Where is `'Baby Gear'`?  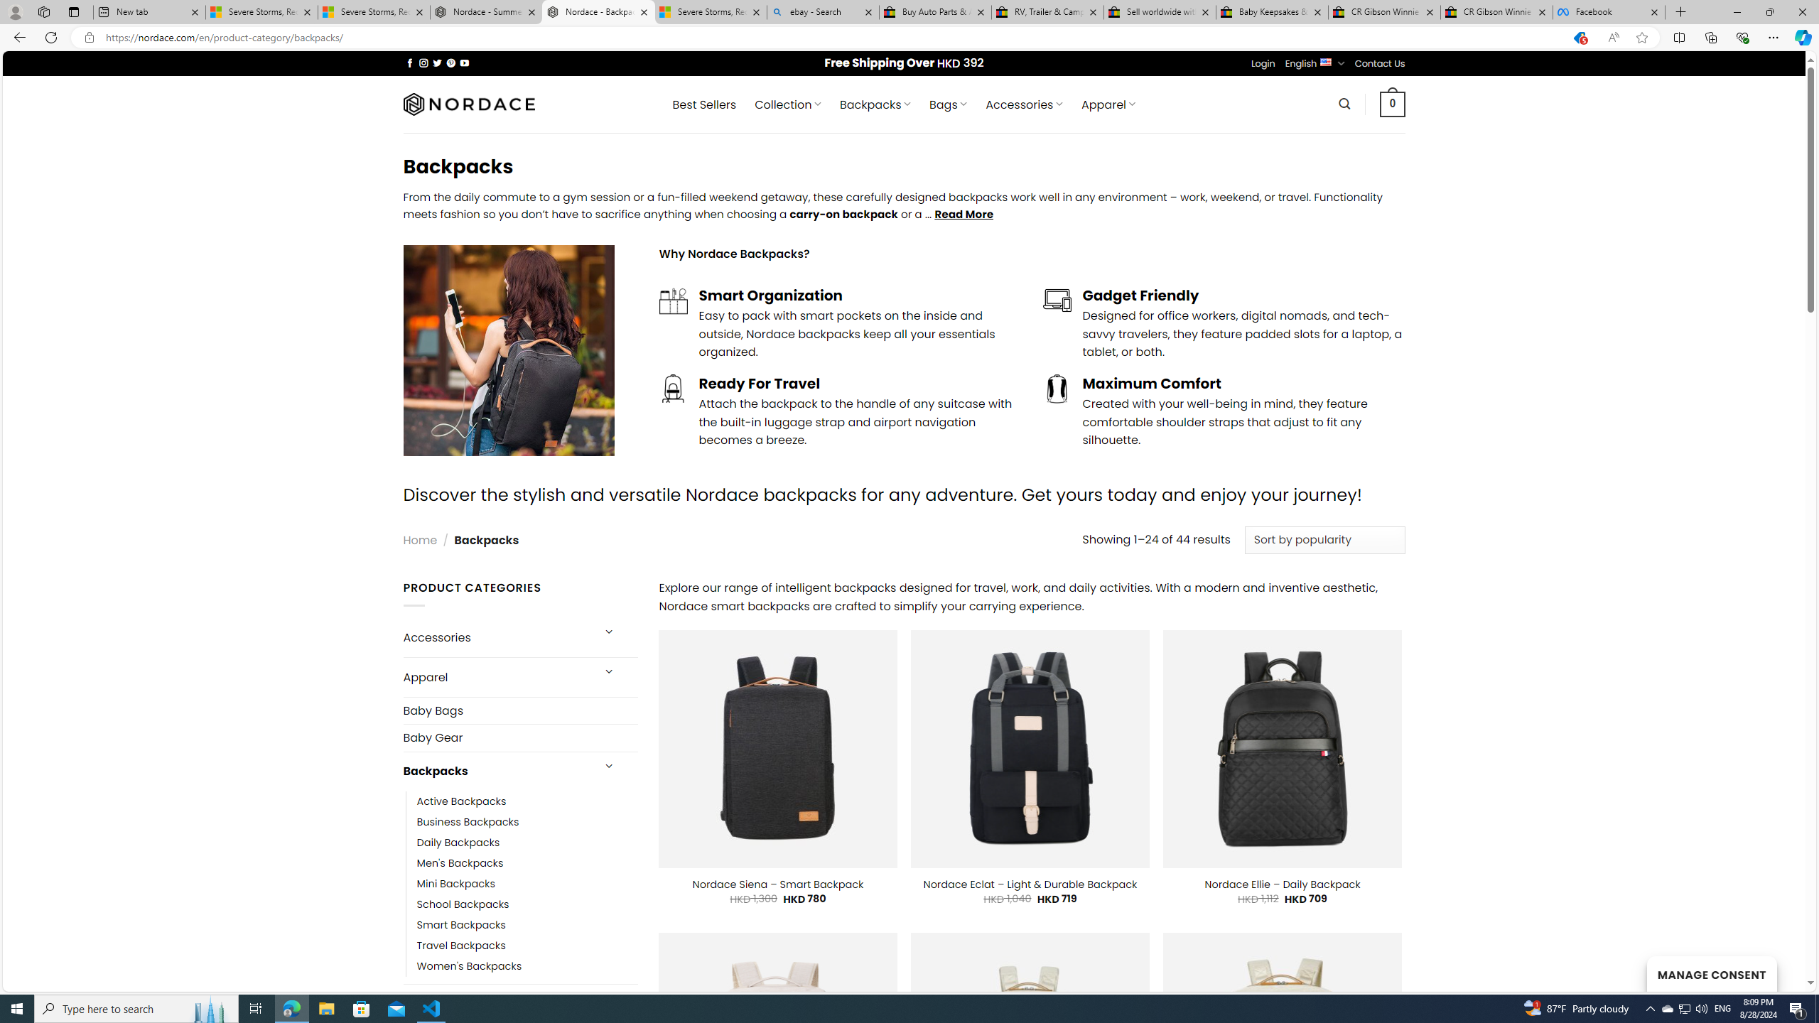
'Baby Gear' is located at coordinates (519, 737).